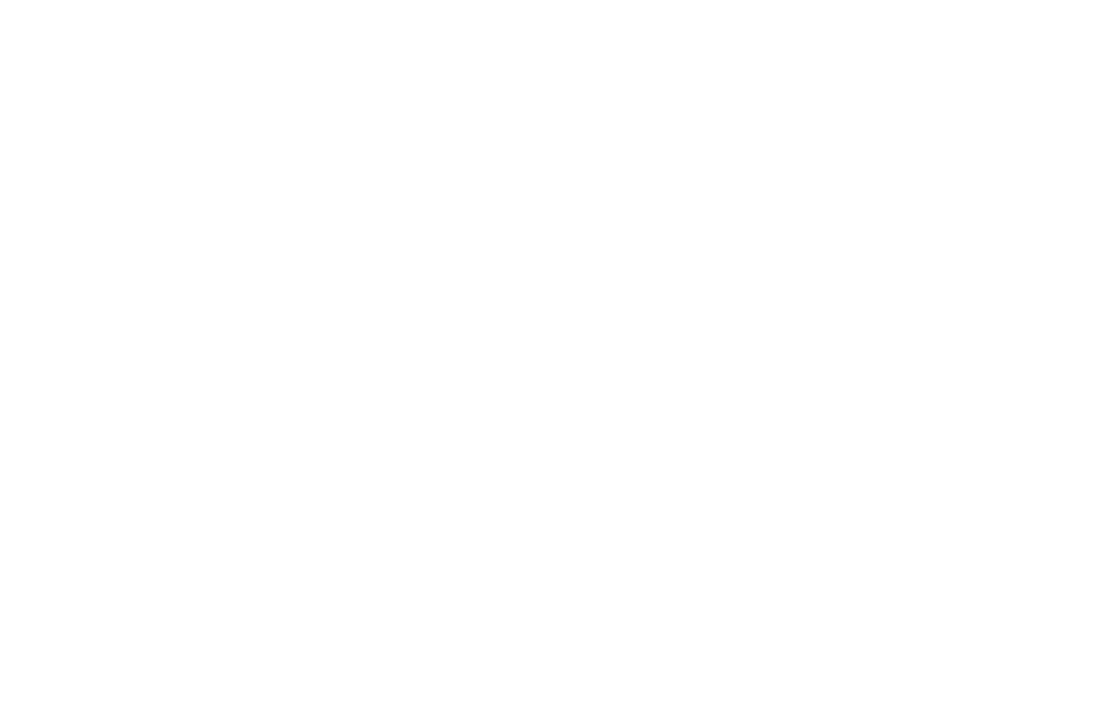 The width and height of the screenshot is (1120, 702). Describe the element at coordinates (331, 307) in the screenshot. I see `'Contact'` at that location.